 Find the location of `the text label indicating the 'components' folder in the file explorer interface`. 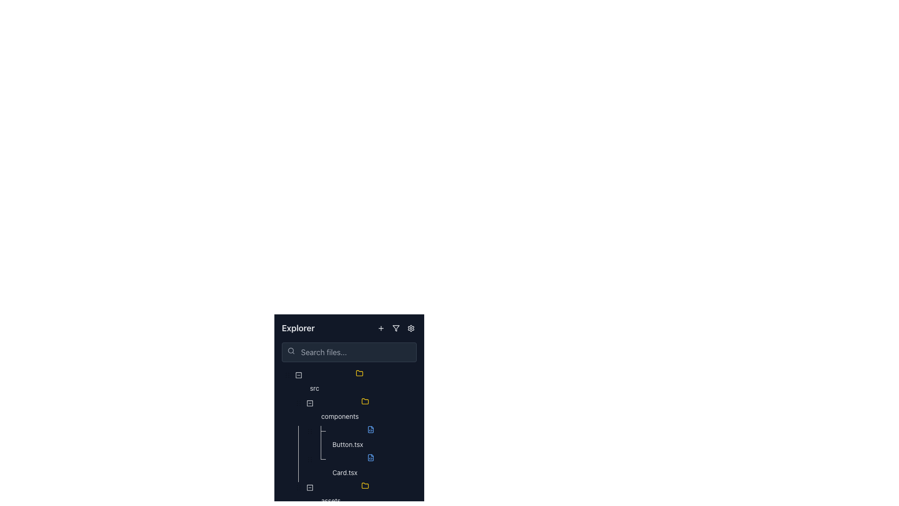

the text label indicating the 'components' folder in the file explorer interface is located at coordinates (339, 416).